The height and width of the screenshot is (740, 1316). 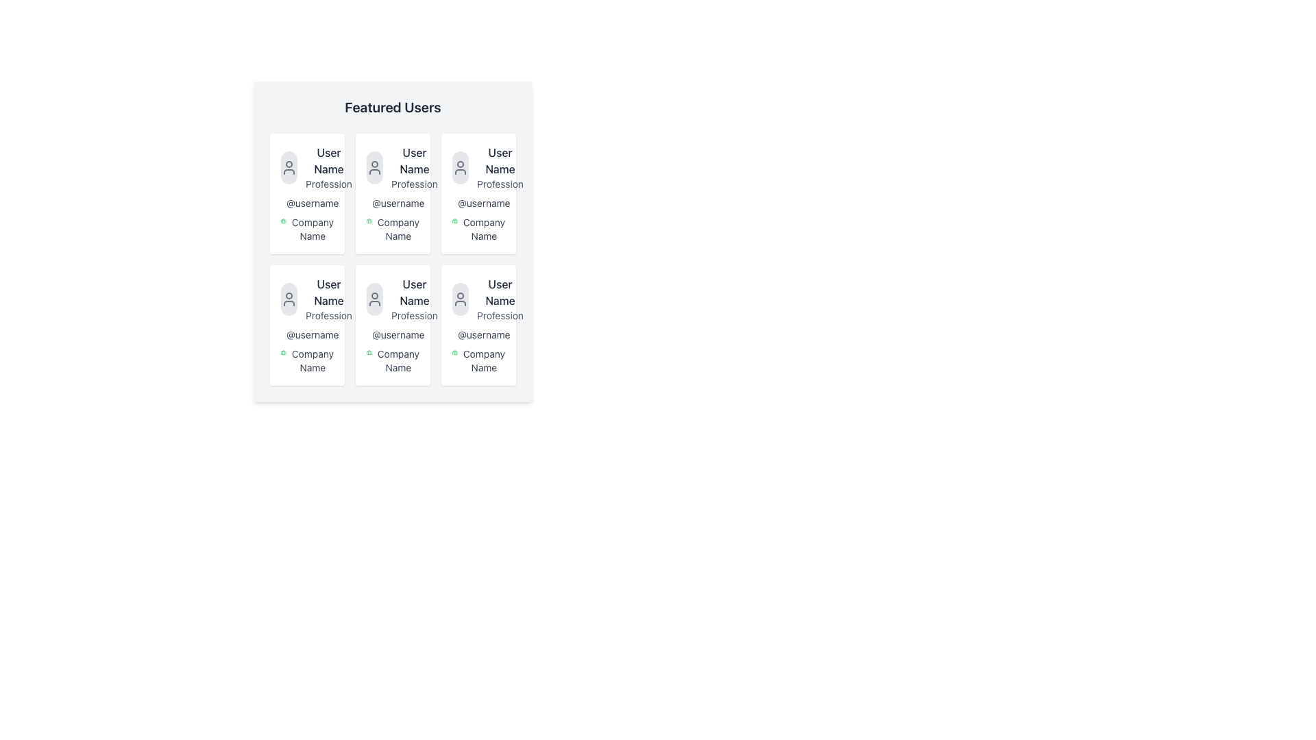 I want to click on the 'Company Name' text label with a green briefcase icon located at the bottom-right corner of the user card, so click(x=478, y=360).